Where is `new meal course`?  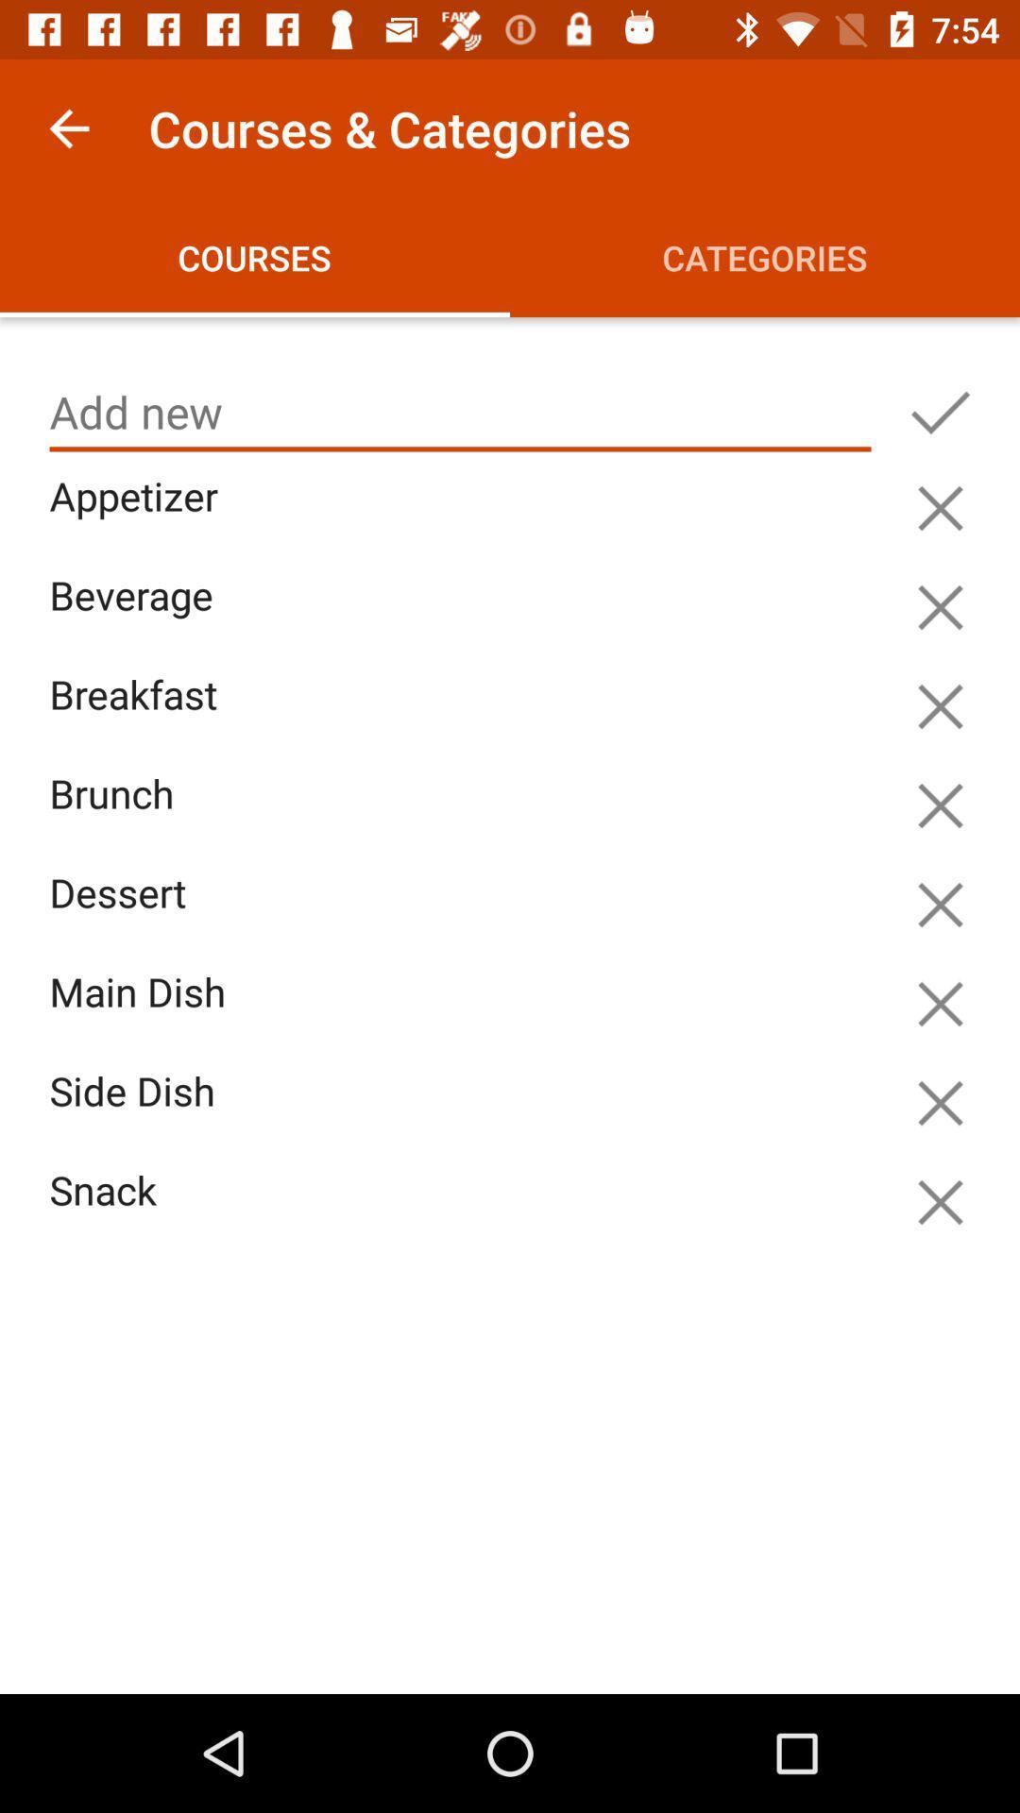
new meal course is located at coordinates (460, 412).